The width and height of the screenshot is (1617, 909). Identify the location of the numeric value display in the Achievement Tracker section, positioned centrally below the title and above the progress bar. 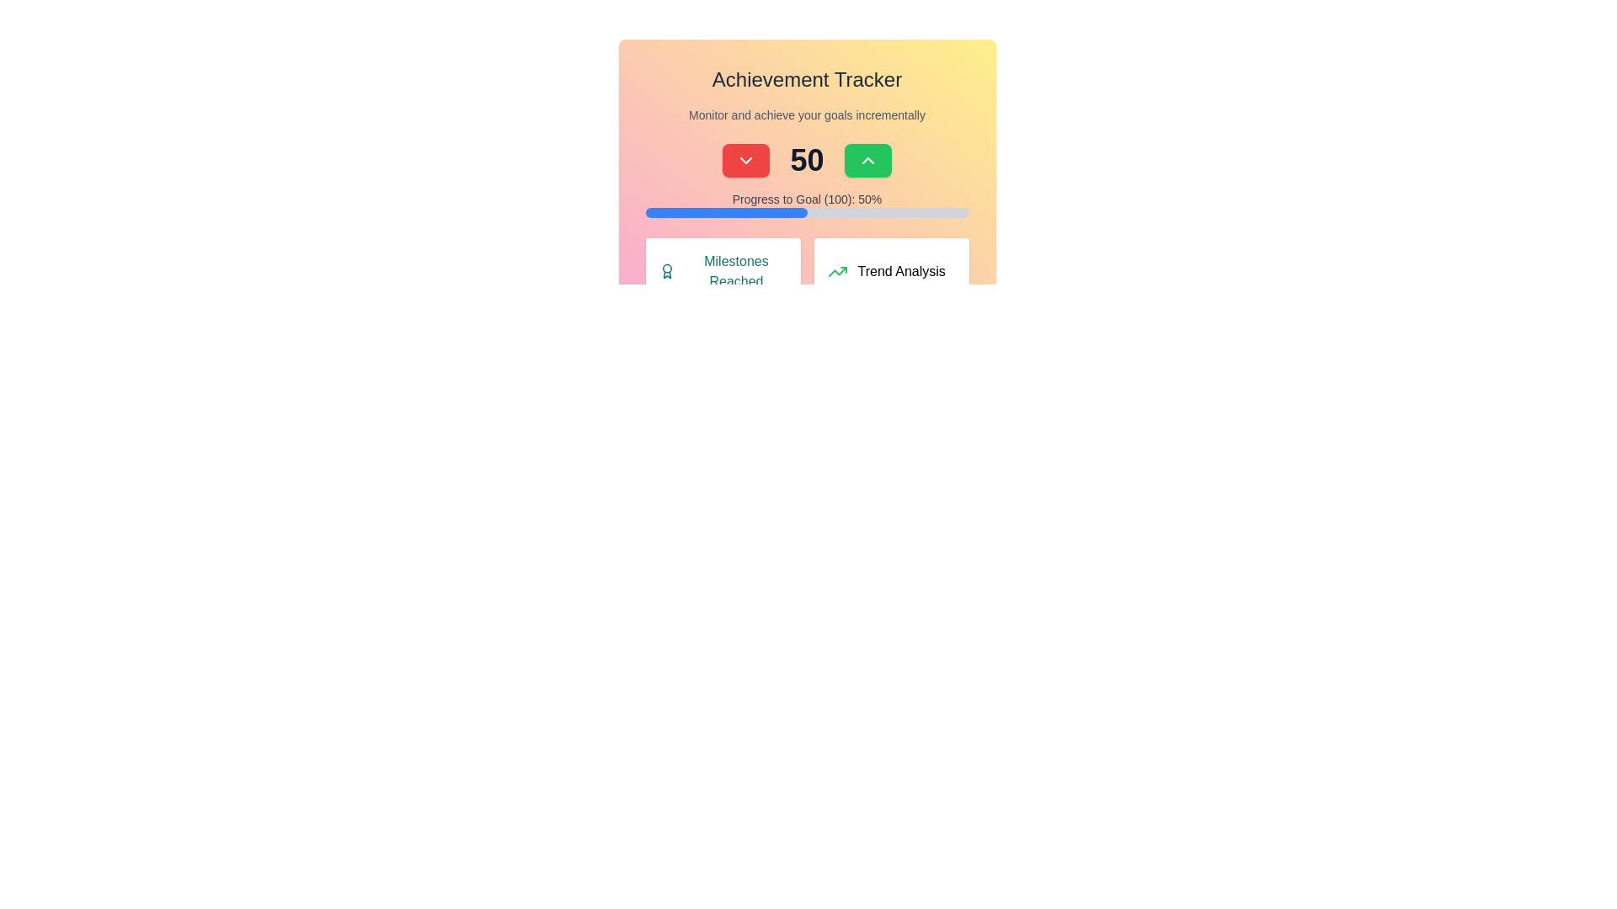
(806, 161).